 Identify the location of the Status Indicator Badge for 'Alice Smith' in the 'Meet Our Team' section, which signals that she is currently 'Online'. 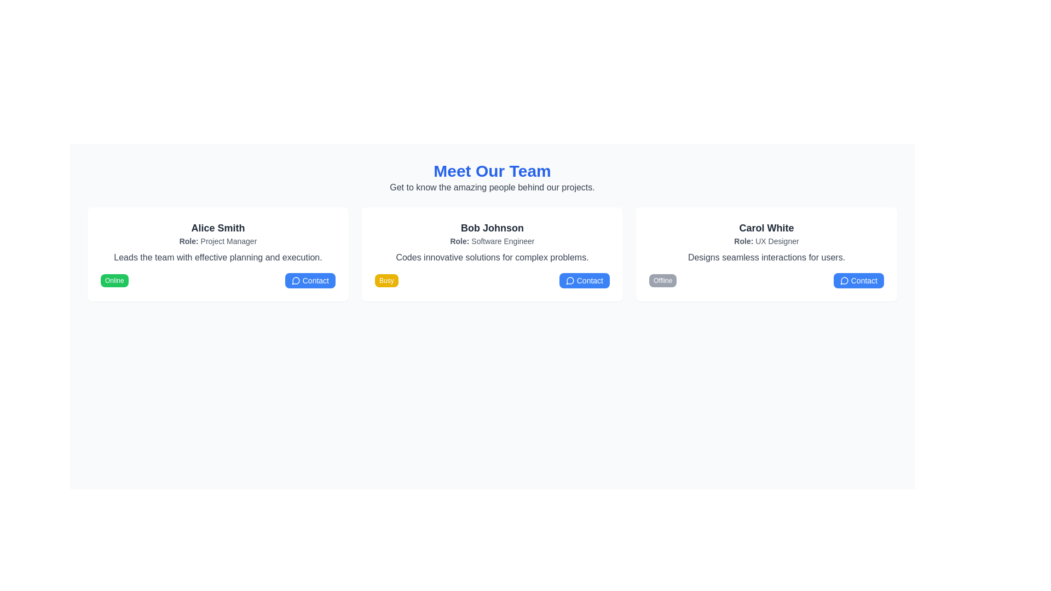
(114, 280).